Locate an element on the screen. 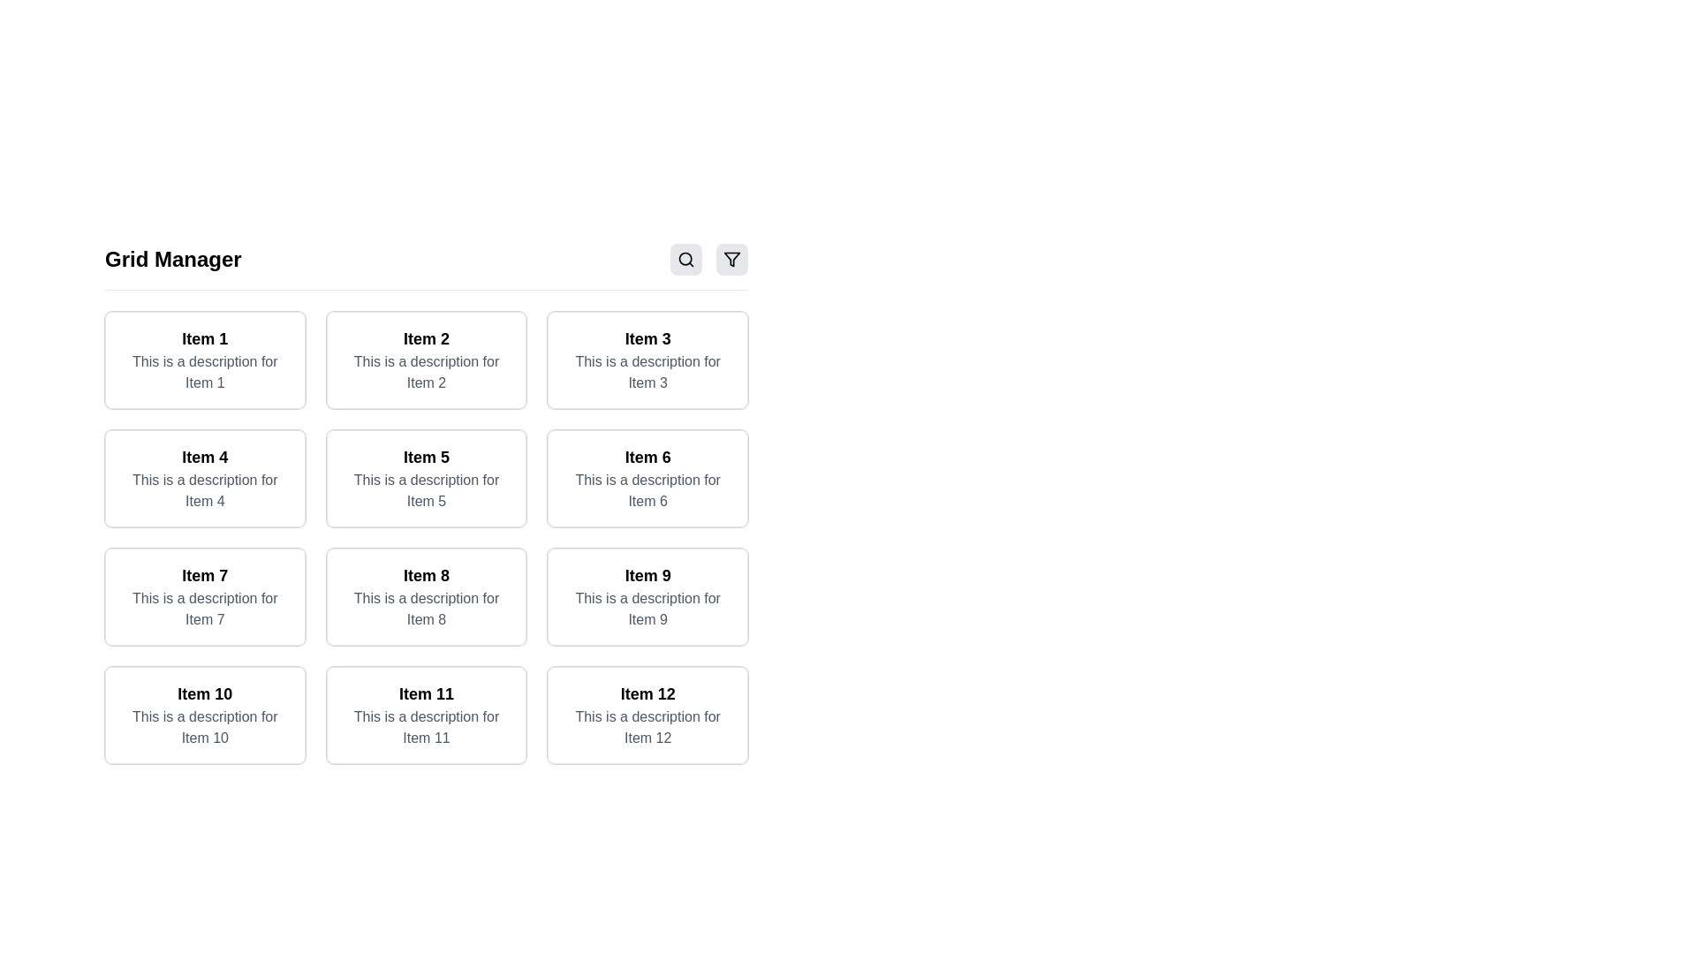 The width and height of the screenshot is (1696, 954). the magnifying glass icon by clicking on its circular part to trigger search functionality is located at coordinates (685, 259).